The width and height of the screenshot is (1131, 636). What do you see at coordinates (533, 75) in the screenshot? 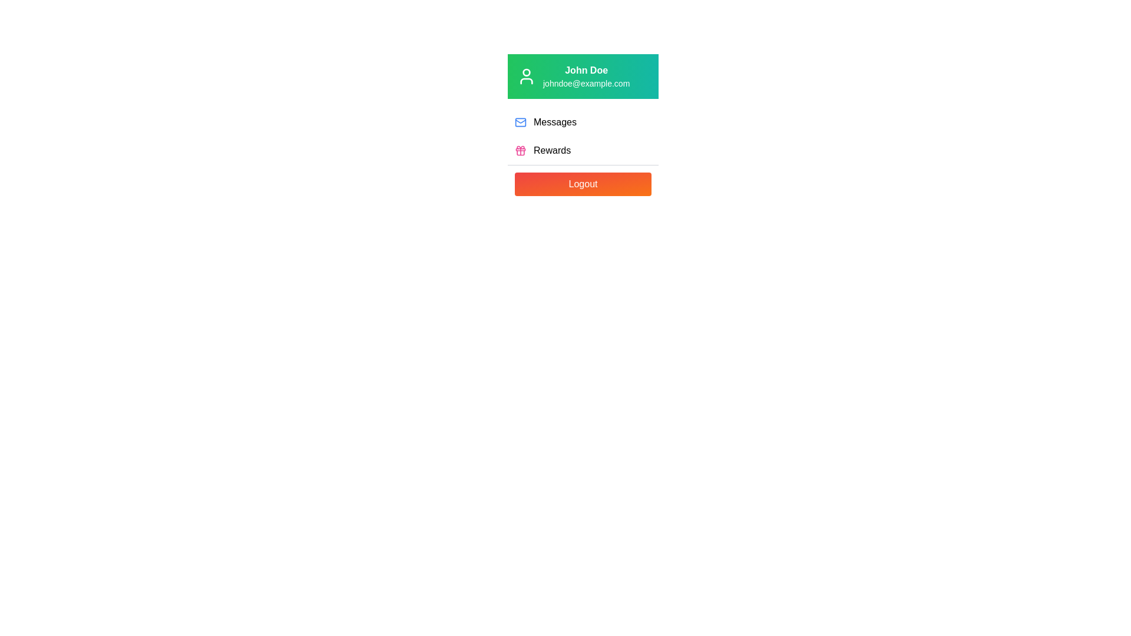
I see `the circular 'Close' button with a blue-to-purple gradient background located in the top-left corner of the user profile card for John Doe` at bounding box center [533, 75].